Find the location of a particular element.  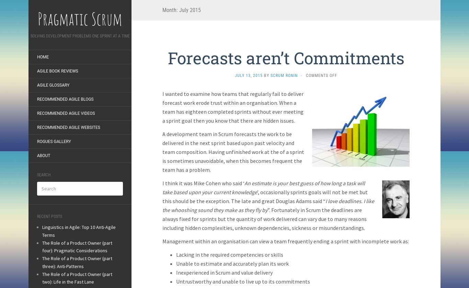

'Agile Book Reviews' is located at coordinates (57, 71).